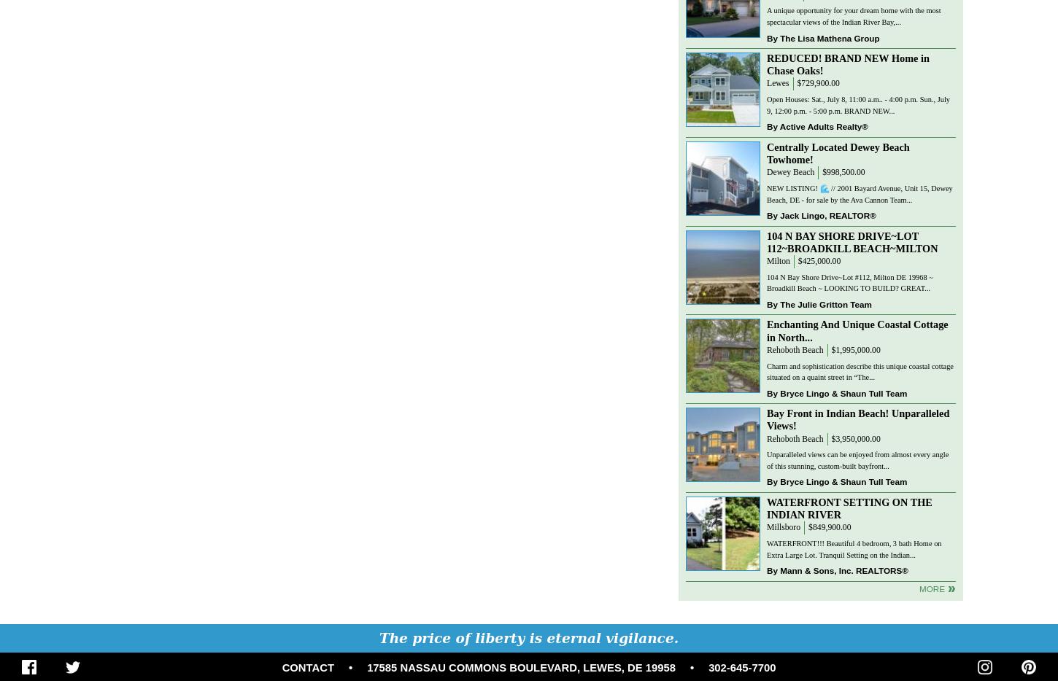  What do you see at coordinates (779, 37) in the screenshot?
I see `'The Lisa Mathena Group'` at bounding box center [779, 37].